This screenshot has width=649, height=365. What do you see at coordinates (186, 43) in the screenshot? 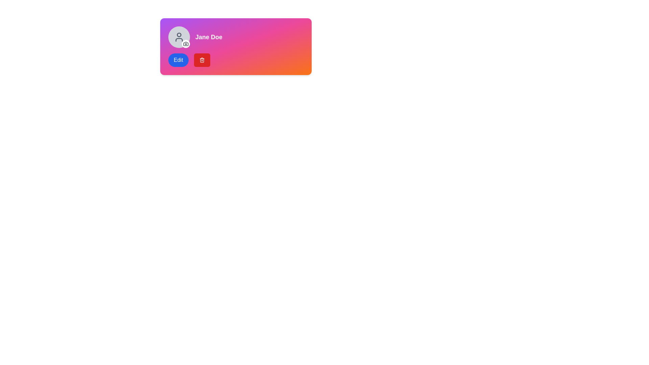
I see `the camera icon located to the left of 'Jane Doe' in the profile card interface to initiate a related action` at bounding box center [186, 43].